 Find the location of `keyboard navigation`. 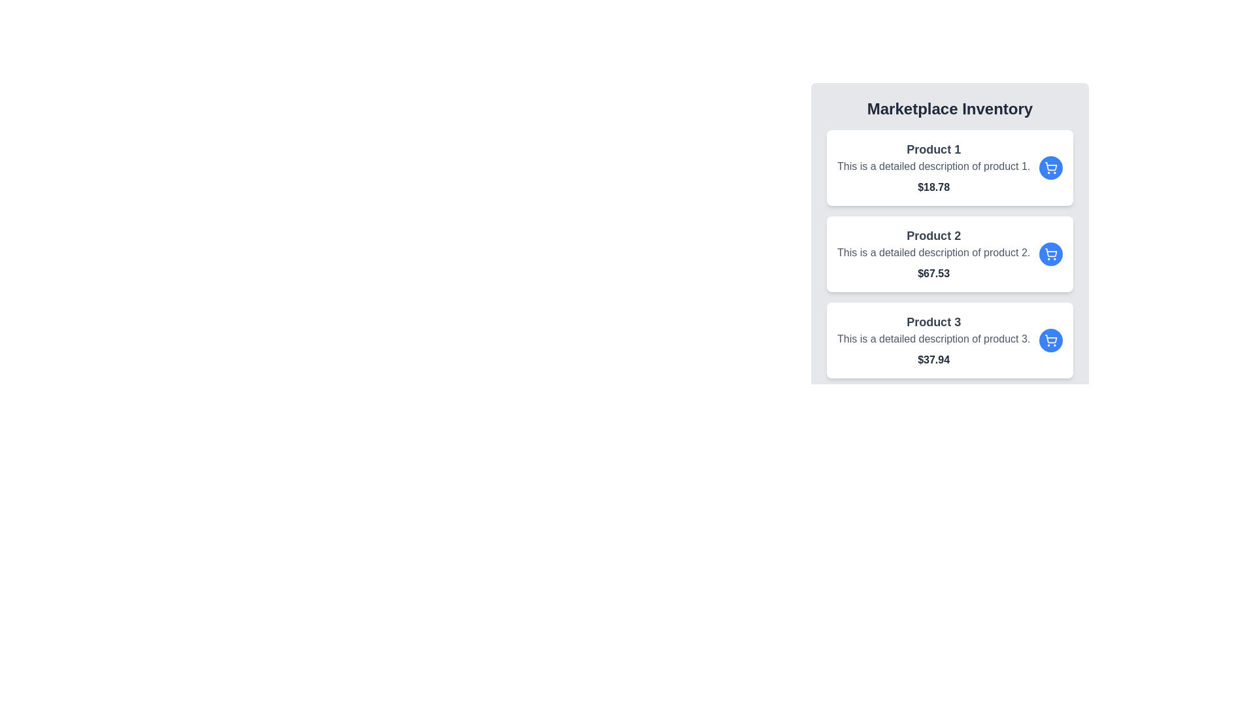

keyboard navigation is located at coordinates (1051, 254).